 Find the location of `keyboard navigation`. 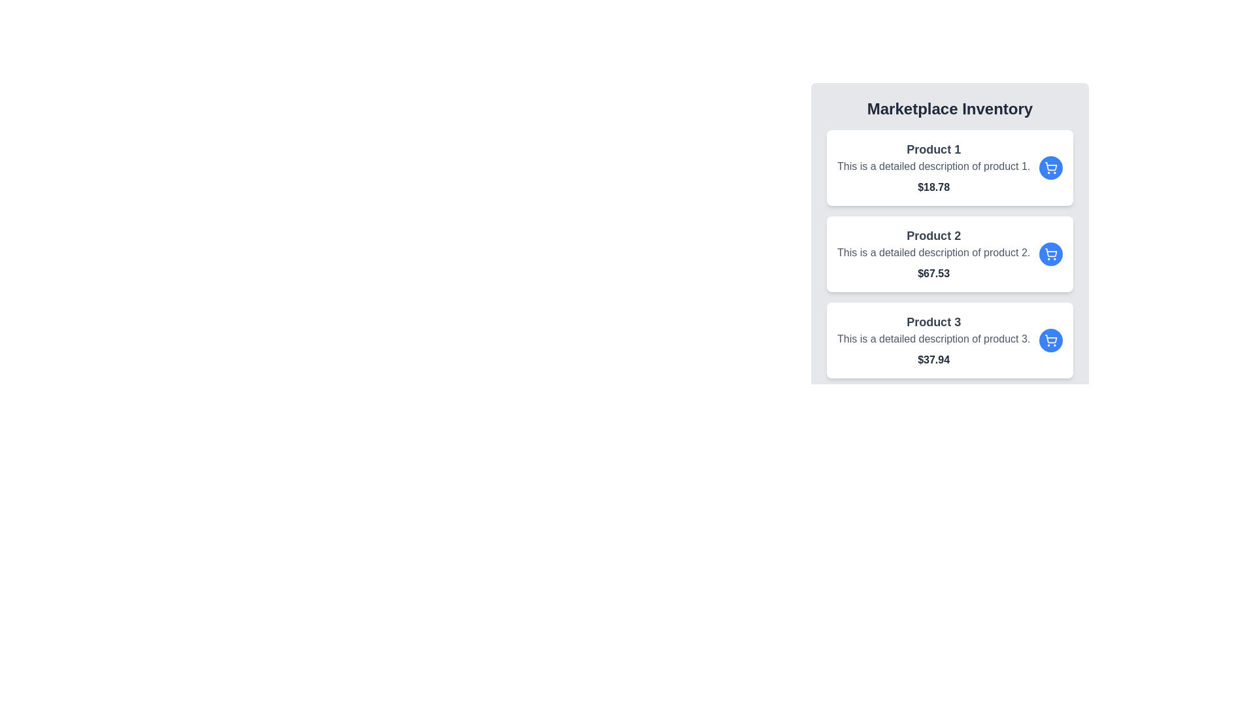

keyboard navigation is located at coordinates (1051, 254).